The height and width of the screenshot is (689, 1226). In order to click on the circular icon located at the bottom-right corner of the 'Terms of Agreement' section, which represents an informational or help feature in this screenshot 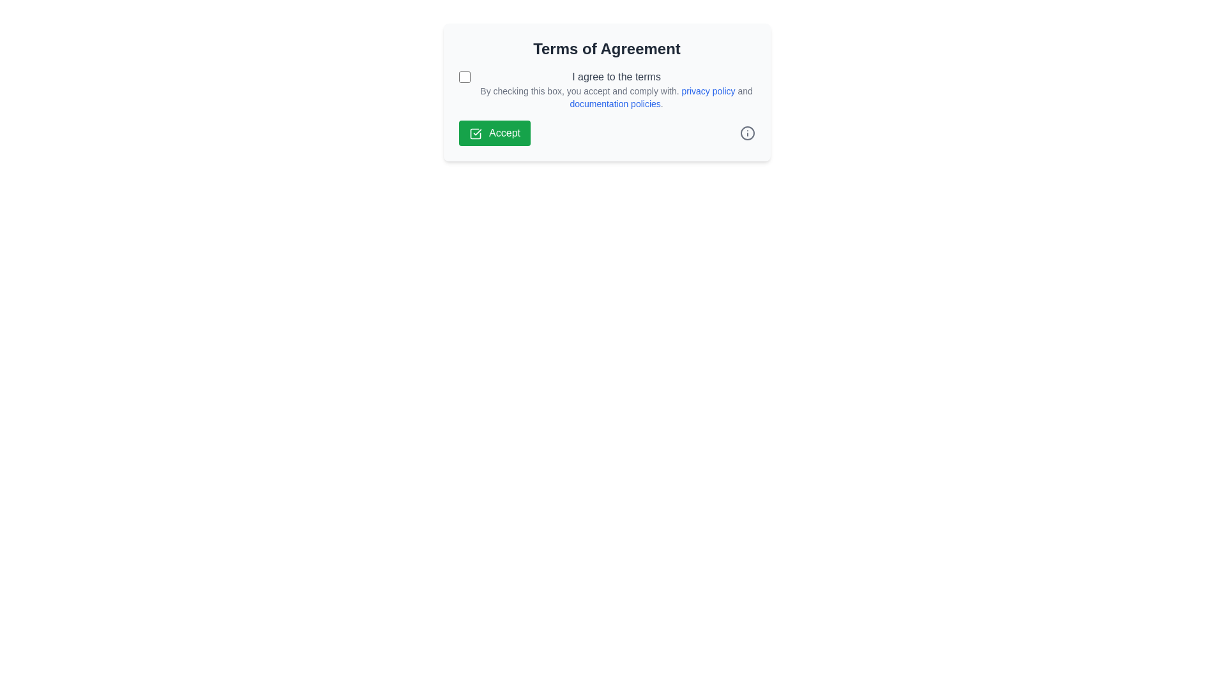, I will do `click(747, 133)`.